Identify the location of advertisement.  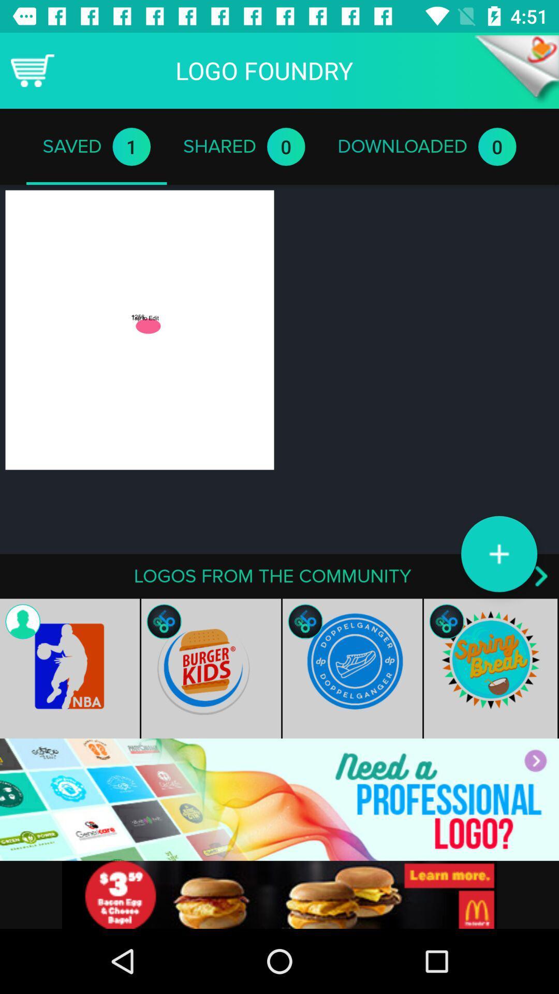
(279, 799).